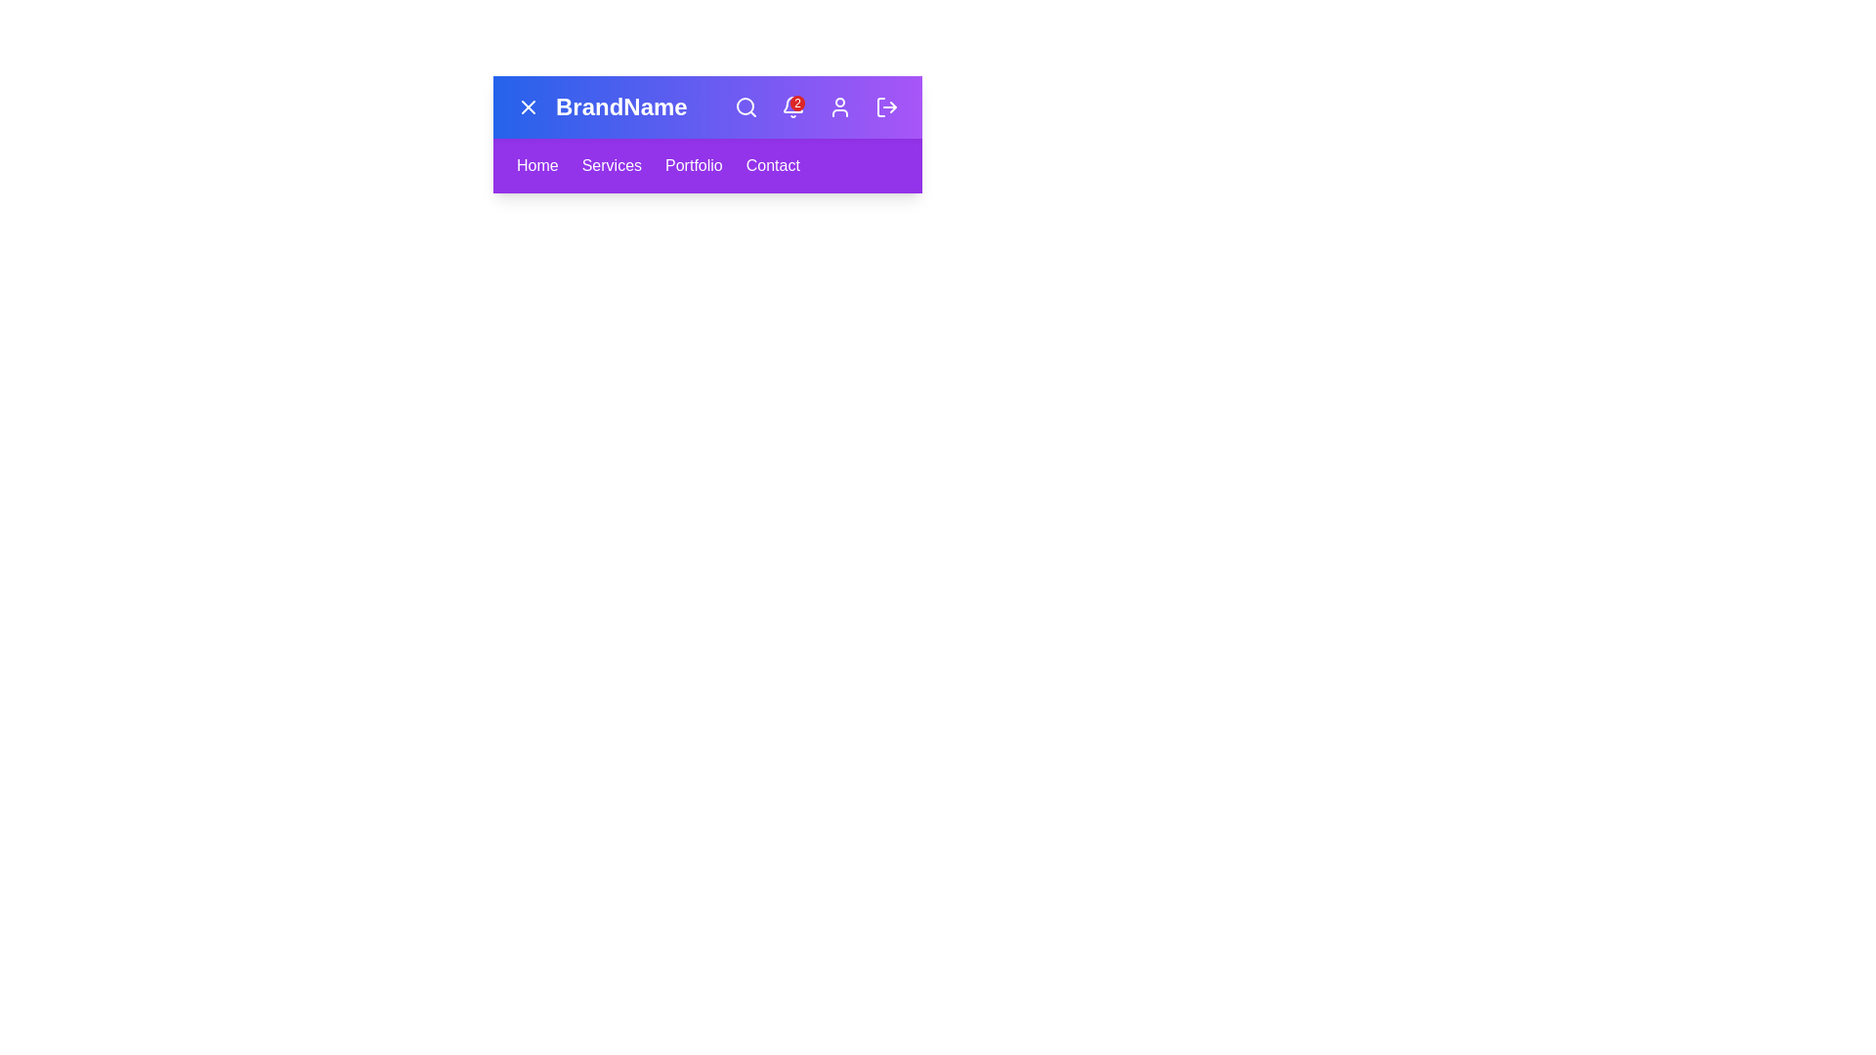 The width and height of the screenshot is (1876, 1055). Describe the element at coordinates (797, 103) in the screenshot. I see `the Badge that indicates the number of notifications associated with the bell icon located in the navigation bar towards the right end` at that location.